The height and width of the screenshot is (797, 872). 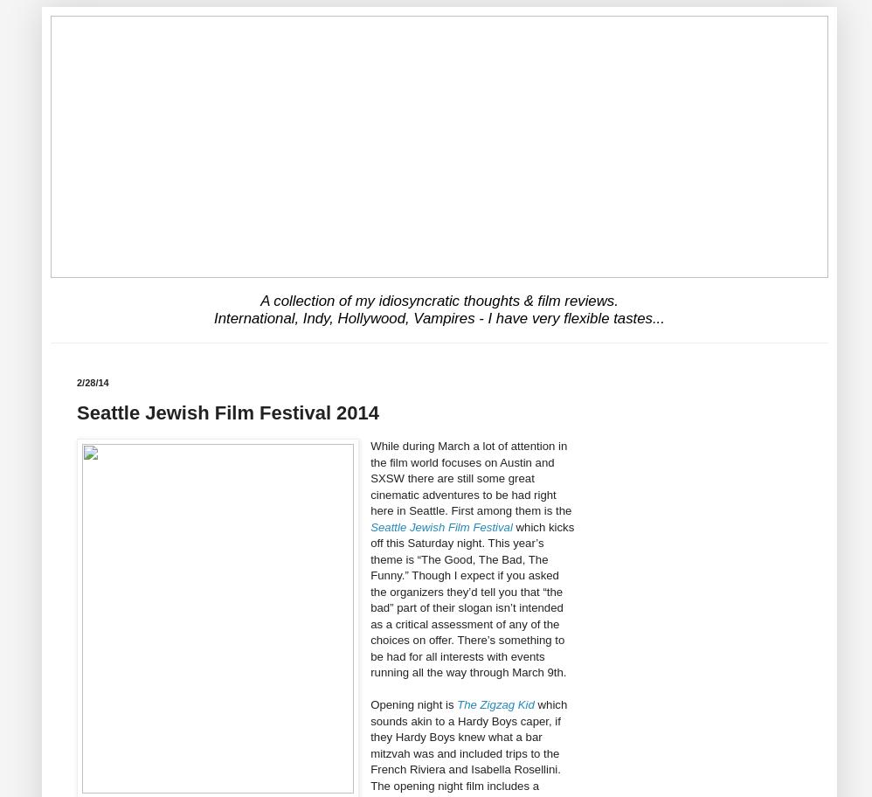 What do you see at coordinates (559, 316) in the screenshot?
I see `'flexible tastes...'` at bounding box center [559, 316].